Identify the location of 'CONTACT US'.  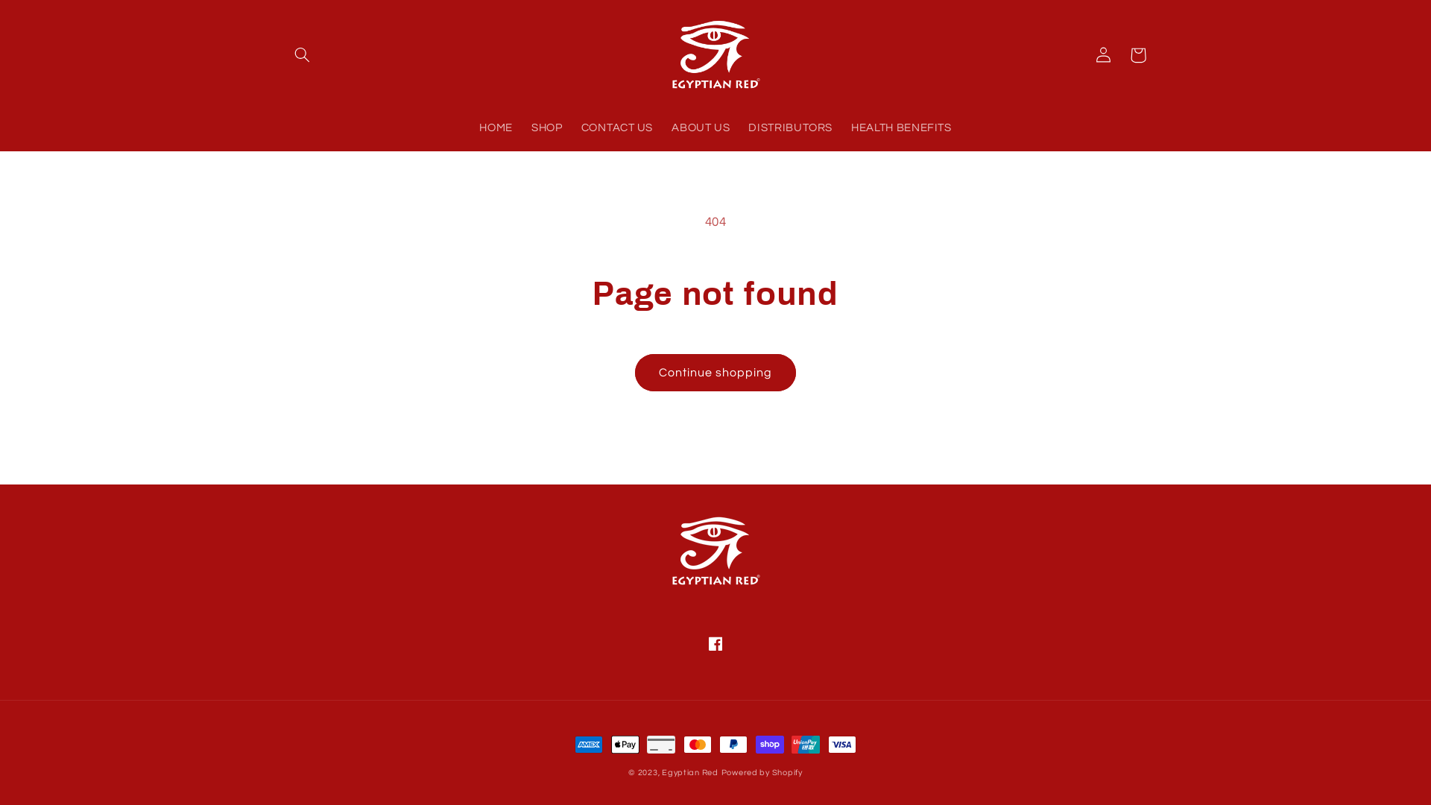
(617, 128).